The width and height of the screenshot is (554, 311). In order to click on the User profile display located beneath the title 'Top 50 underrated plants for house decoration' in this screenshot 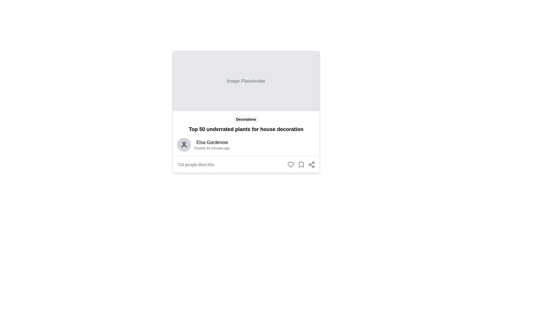, I will do `click(246, 144)`.